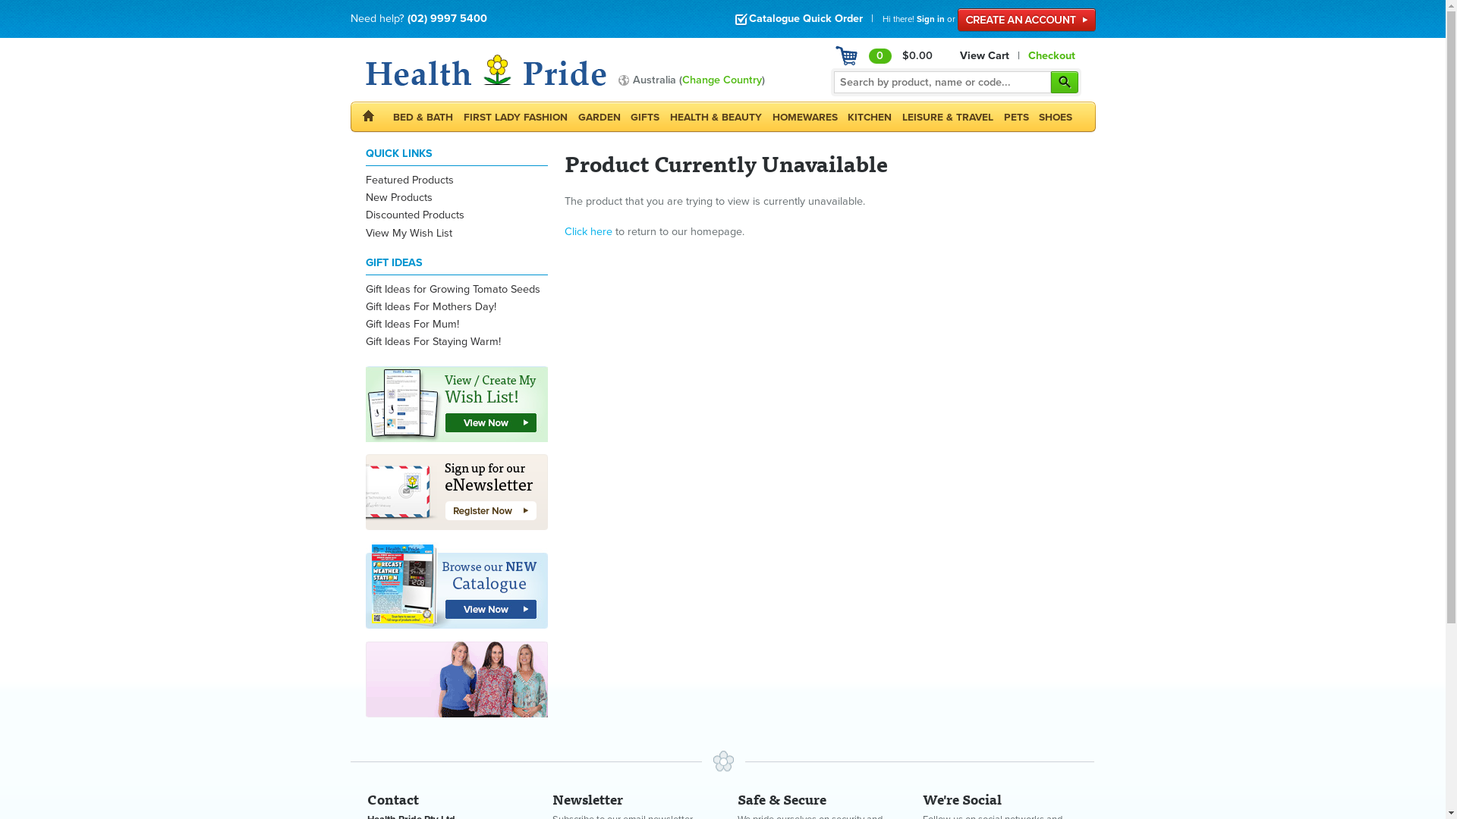  What do you see at coordinates (1051, 55) in the screenshot?
I see `'Checkout'` at bounding box center [1051, 55].